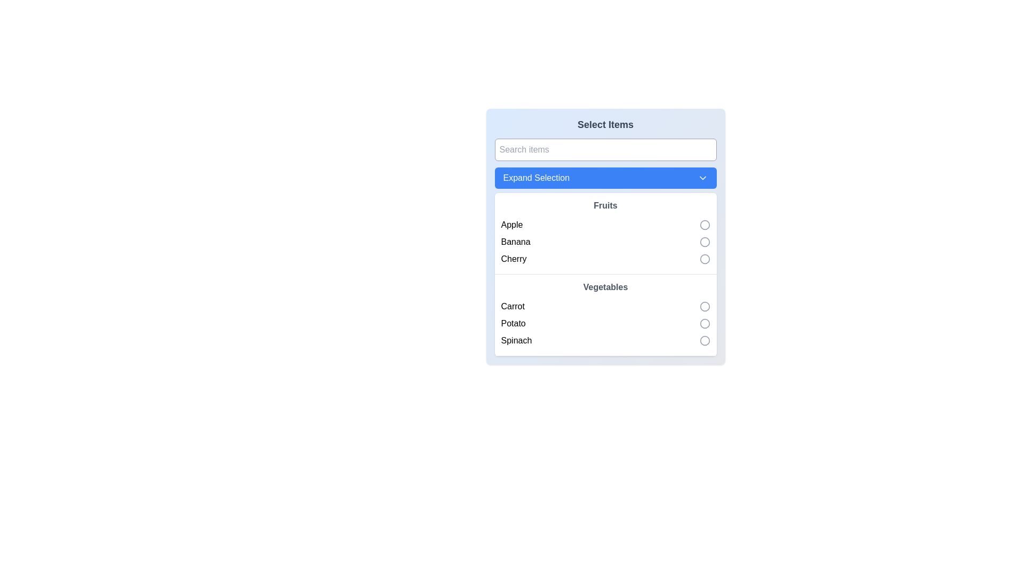 This screenshot has width=1024, height=576. What do you see at coordinates (705, 341) in the screenshot?
I see `the circular radio button located to the right of the label 'Spinach' in the 'Vegetables' section` at bounding box center [705, 341].